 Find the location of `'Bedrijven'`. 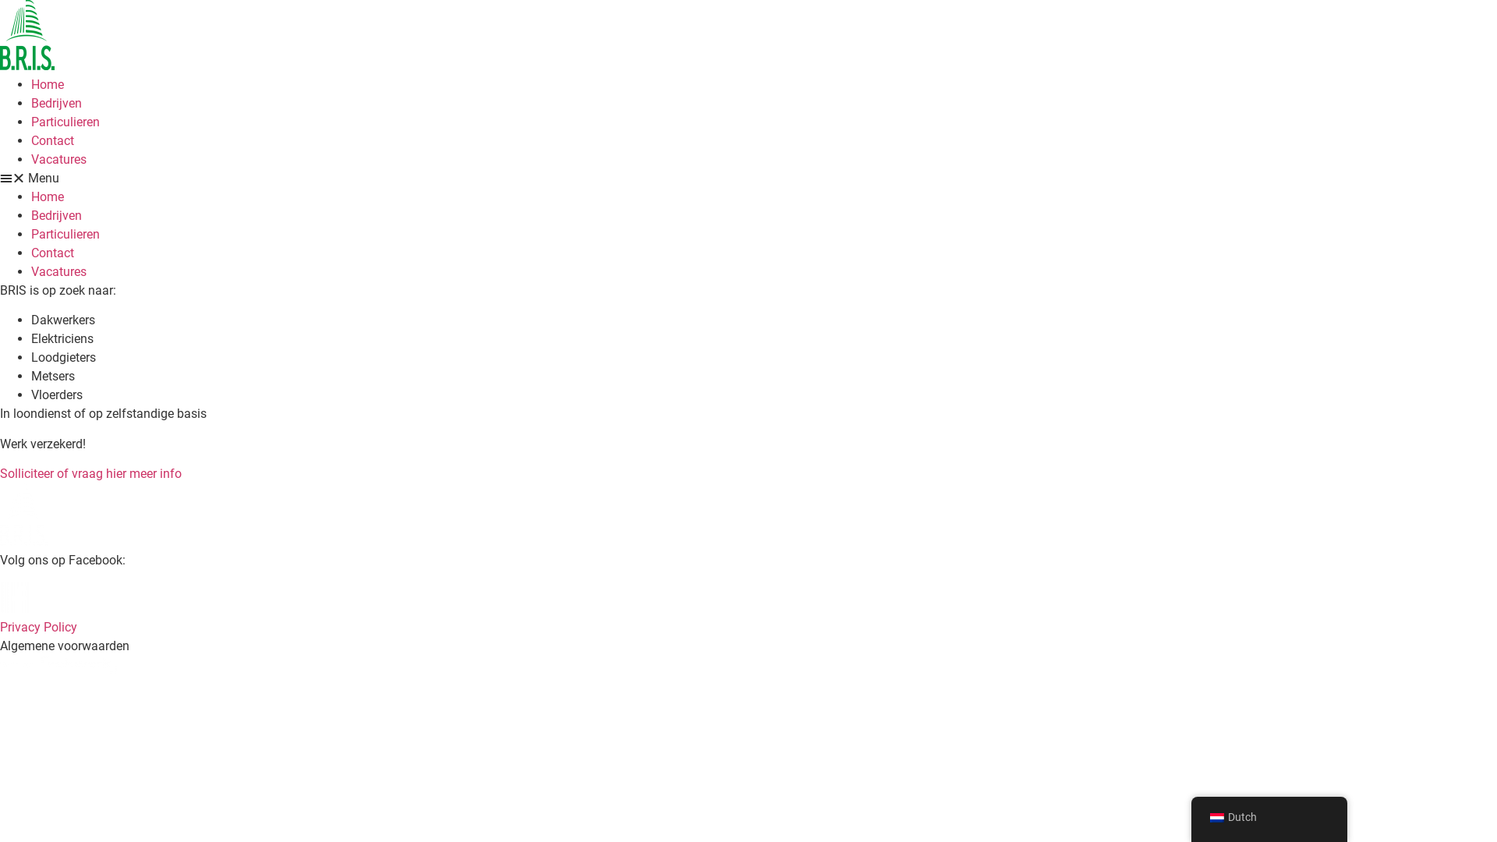

'Bedrijven' is located at coordinates (56, 103).